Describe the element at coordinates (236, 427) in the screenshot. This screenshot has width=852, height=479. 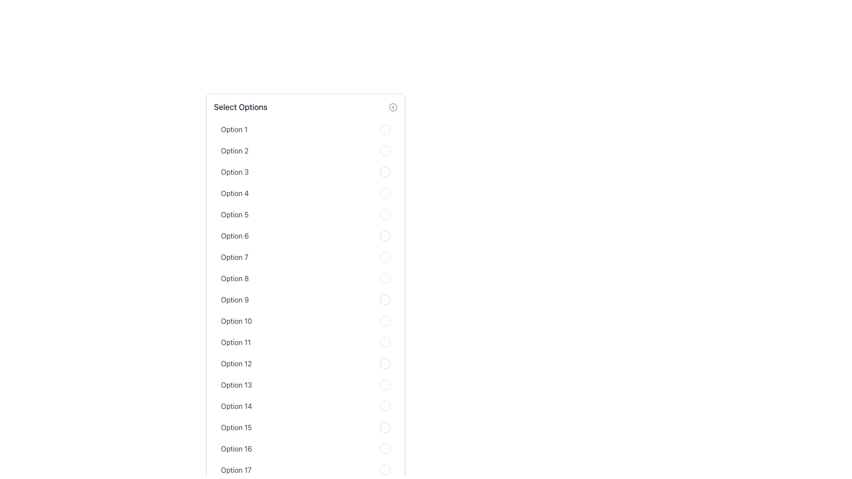
I see `text label "Option 15" which is styled in gray color and serves as a label for a specific choice in the list of options` at that location.